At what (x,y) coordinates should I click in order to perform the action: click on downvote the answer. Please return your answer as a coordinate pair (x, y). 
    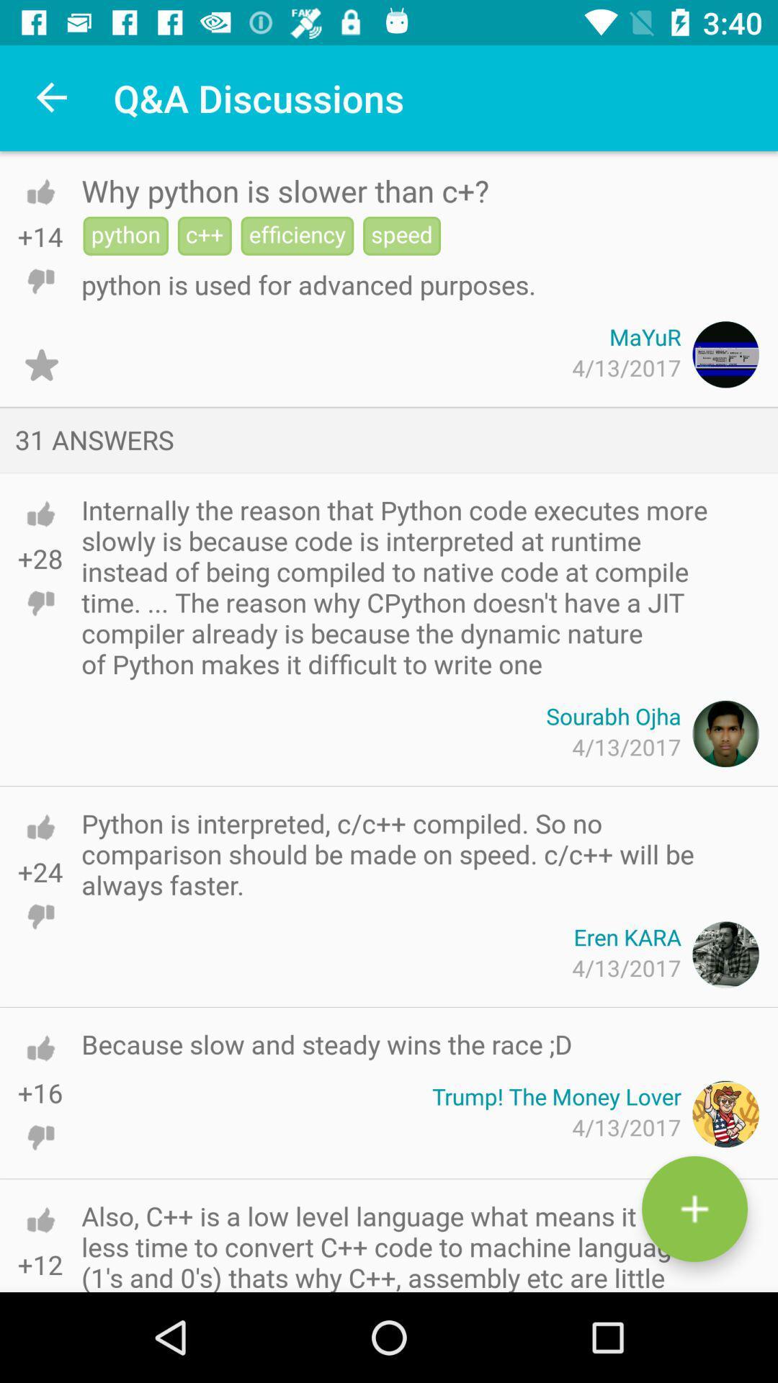
    Looking at the image, I should click on (40, 603).